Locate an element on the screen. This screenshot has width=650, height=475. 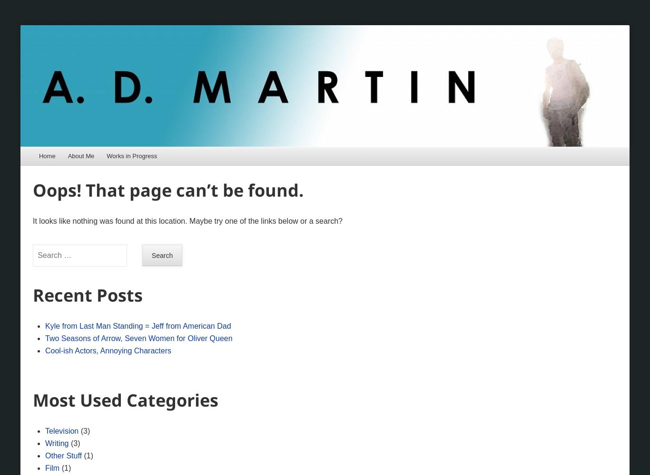
'Recent Posts' is located at coordinates (32, 294).